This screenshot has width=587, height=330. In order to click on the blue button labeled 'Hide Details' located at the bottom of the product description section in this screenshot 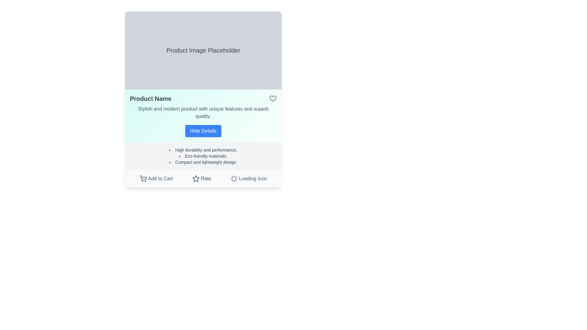, I will do `click(203, 130)`.